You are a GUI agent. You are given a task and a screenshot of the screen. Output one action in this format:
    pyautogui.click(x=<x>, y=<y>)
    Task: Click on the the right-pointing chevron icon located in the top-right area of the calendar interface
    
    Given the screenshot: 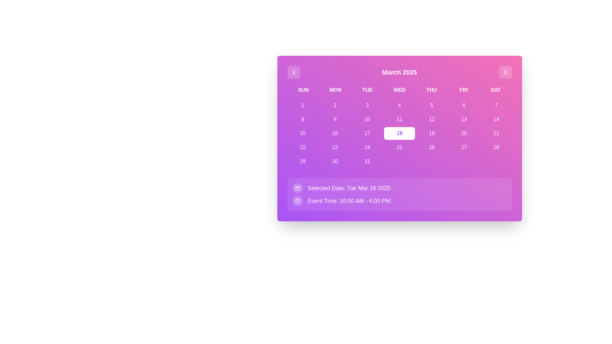 What is the action you would take?
    pyautogui.click(x=505, y=72)
    